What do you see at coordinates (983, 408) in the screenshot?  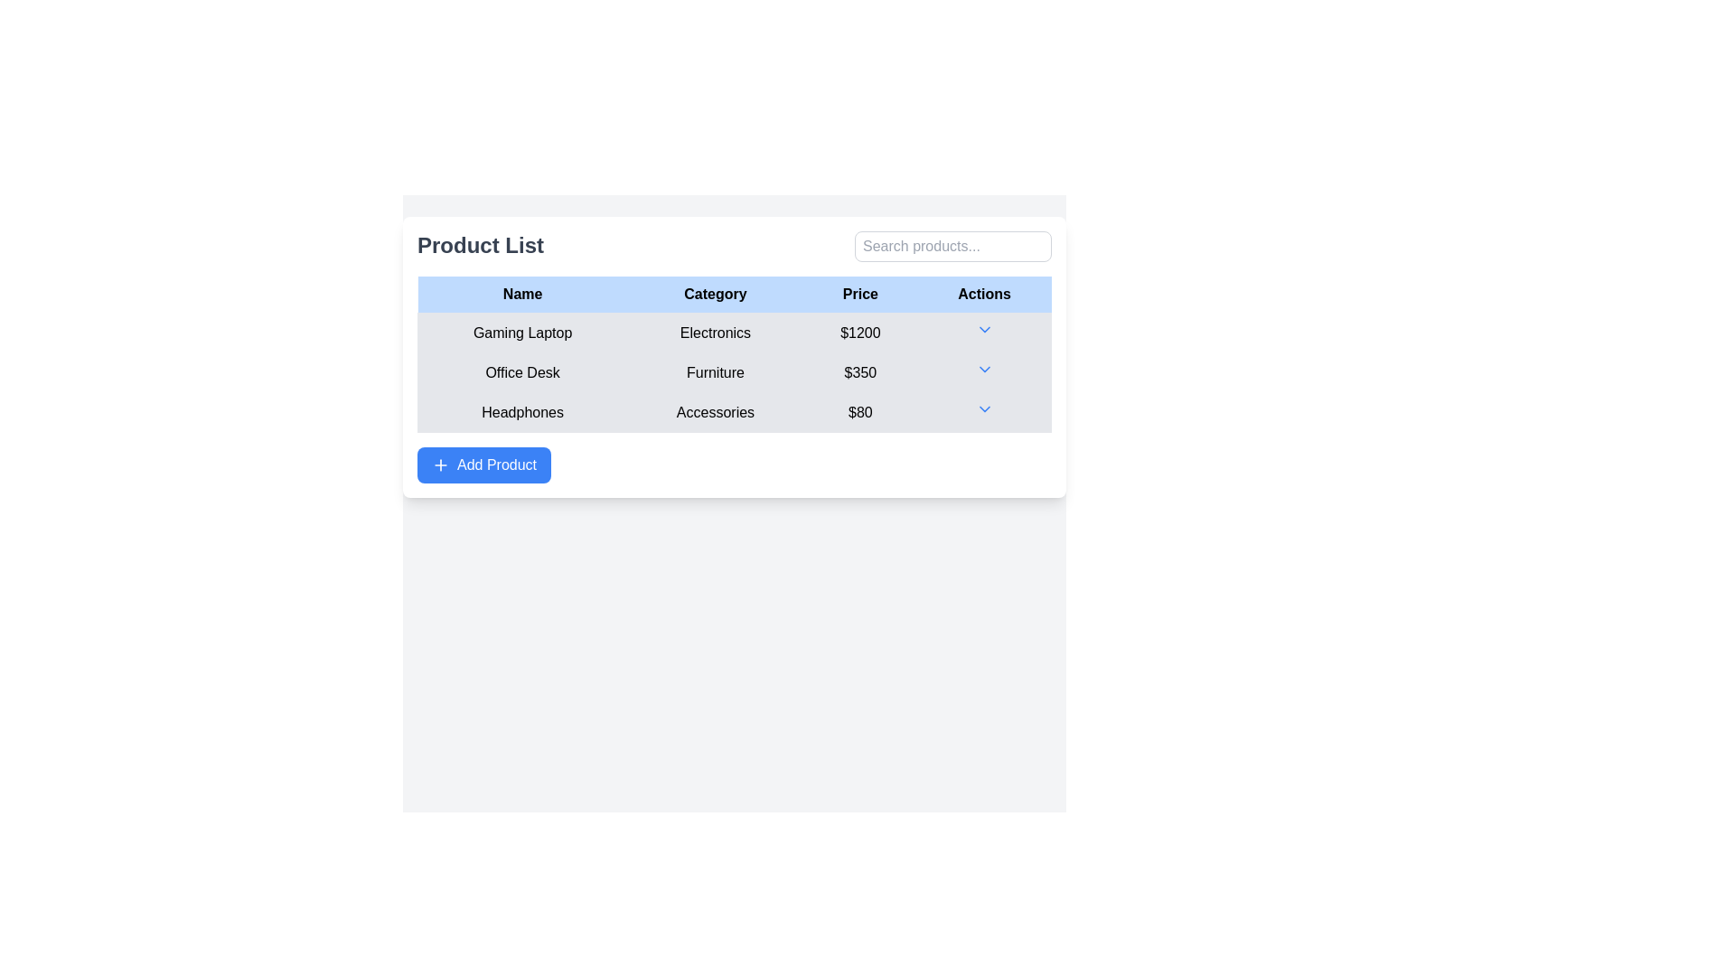 I see `the third dropdown icon under the 'Actions' column in the 'Product List' table that corresponds to the 'Headphones' entry` at bounding box center [983, 408].